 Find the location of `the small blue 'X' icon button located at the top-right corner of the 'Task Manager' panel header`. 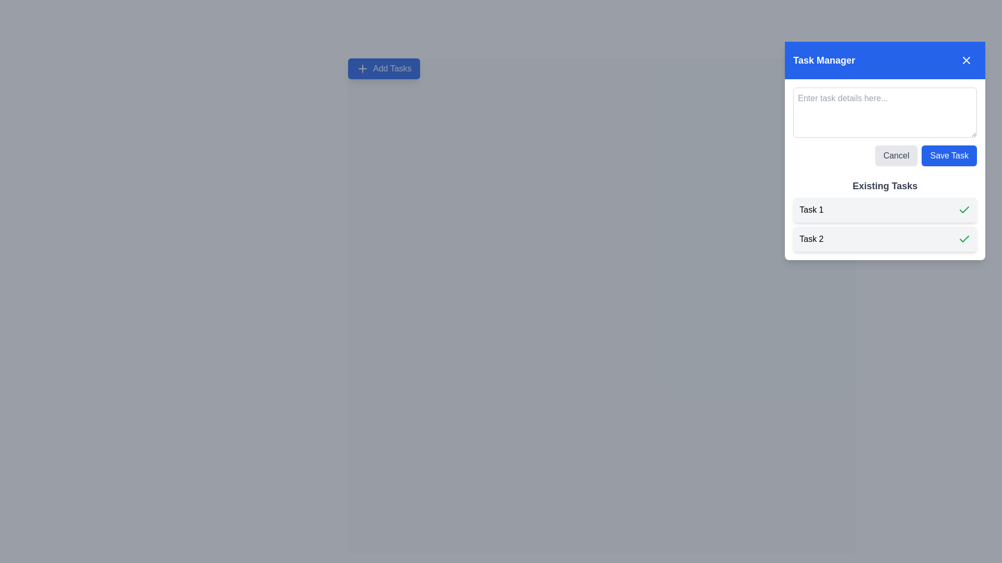

the small blue 'X' icon button located at the top-right corner of the 'Task Manager' panel header is located at coordinates (966, 60).